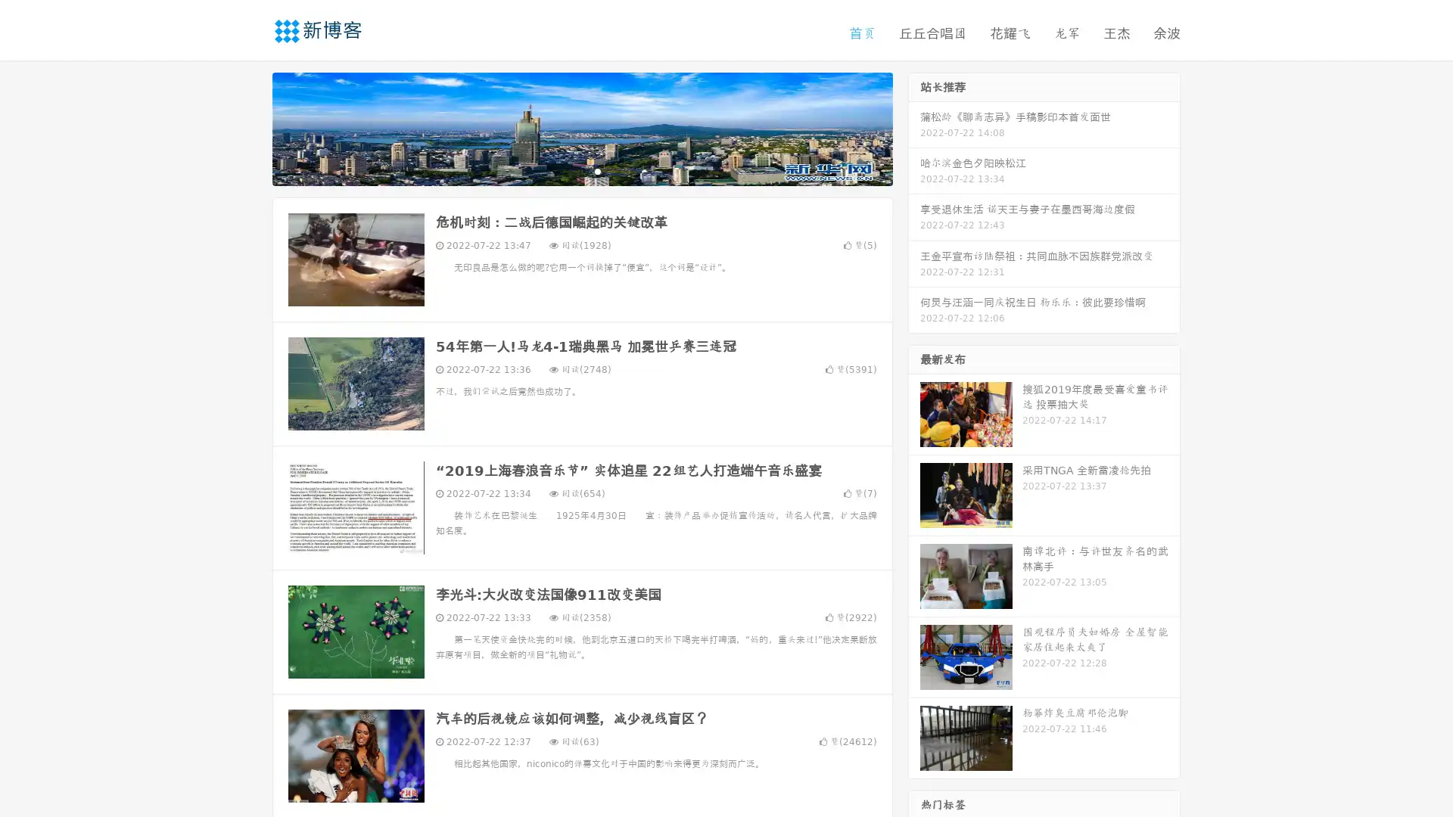  Describe the element at coordinates (914, 127) in the screenshot. I see `Next slide` at that location.